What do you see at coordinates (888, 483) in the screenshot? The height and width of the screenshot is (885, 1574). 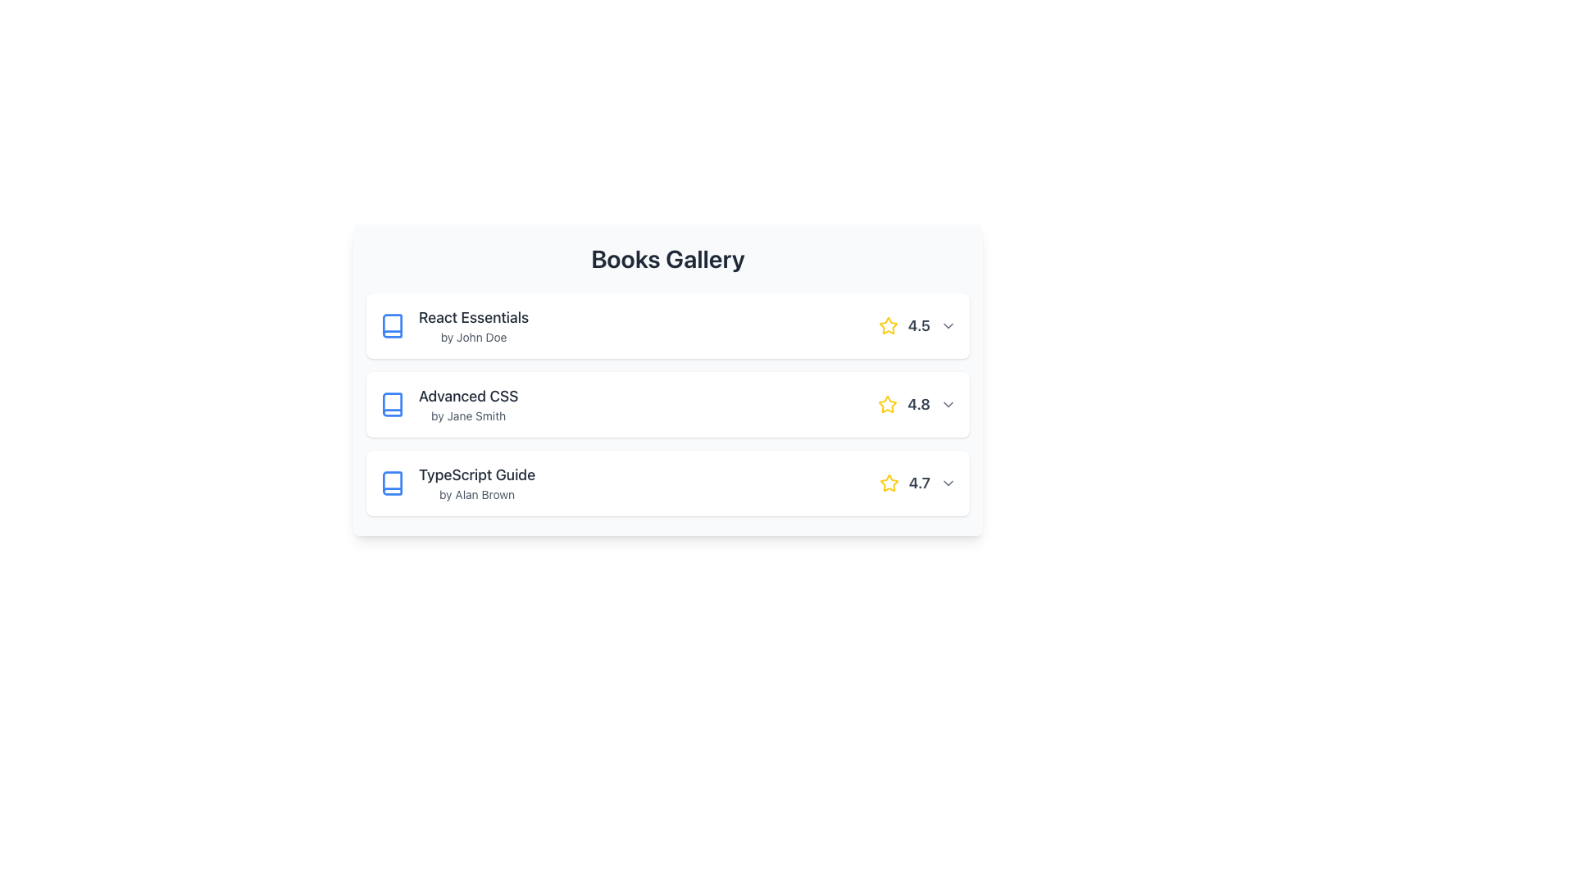 I see `star-shaped icon styled in yellow, representing a rating indicator, located in the third row of items in a card layout, to the left of the numeric rating text '4.7'` at bounding box center [888, 483].